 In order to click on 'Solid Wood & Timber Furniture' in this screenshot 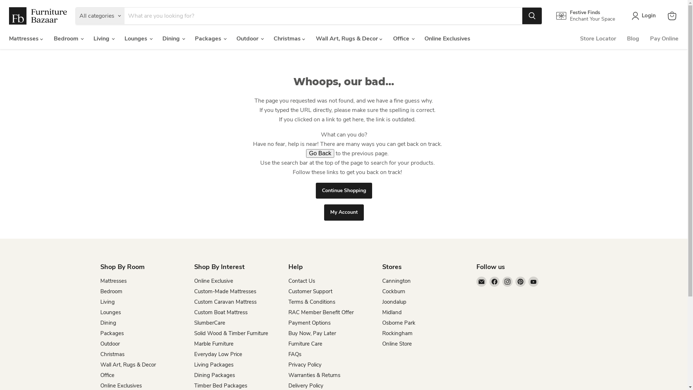, I will do `click(231, 333)`.